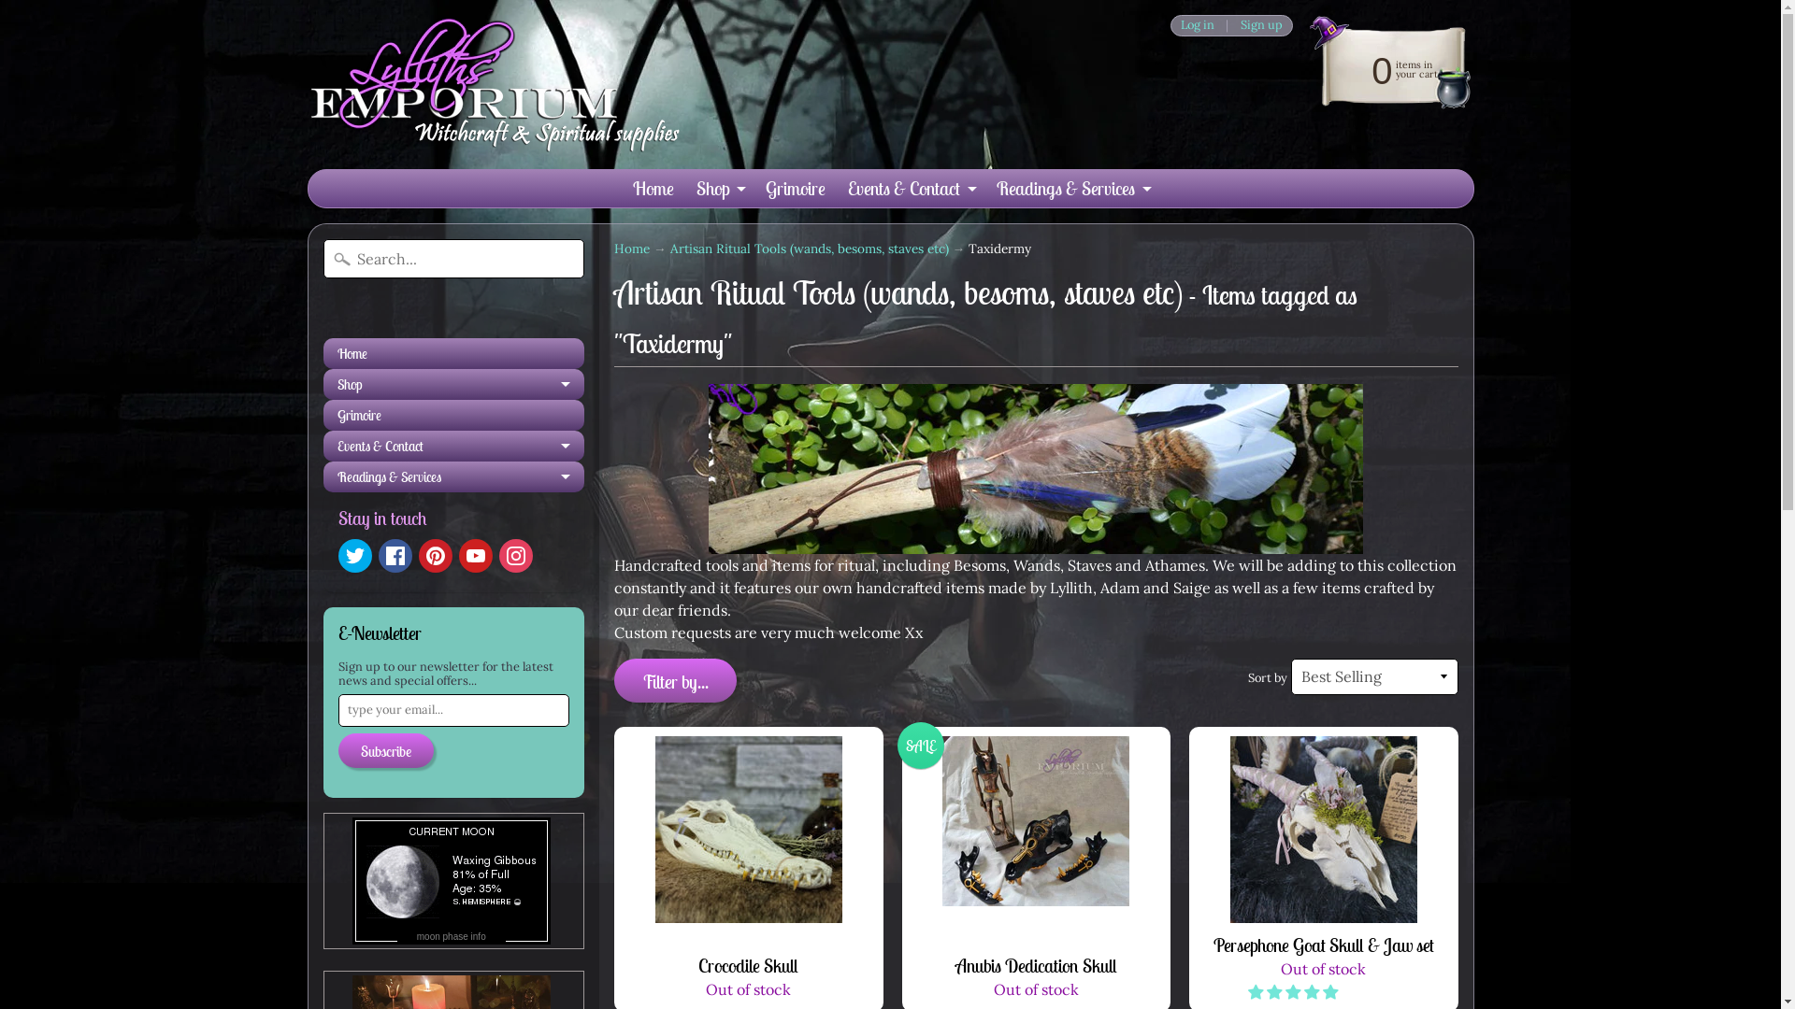  What do you see at coordinates (614, 680) in the screenshot?
I see `'Filter by...'` at bounding box center [614, 680].